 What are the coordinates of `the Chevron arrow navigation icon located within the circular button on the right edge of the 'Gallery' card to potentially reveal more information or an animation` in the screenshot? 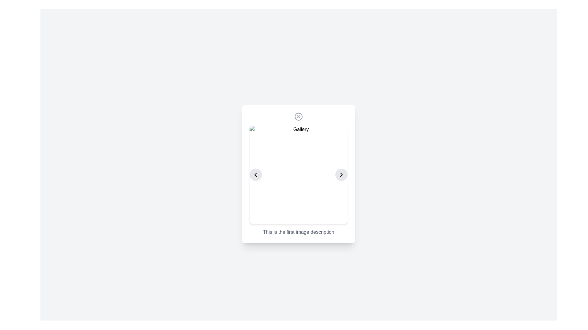 It's located at (341, 174).